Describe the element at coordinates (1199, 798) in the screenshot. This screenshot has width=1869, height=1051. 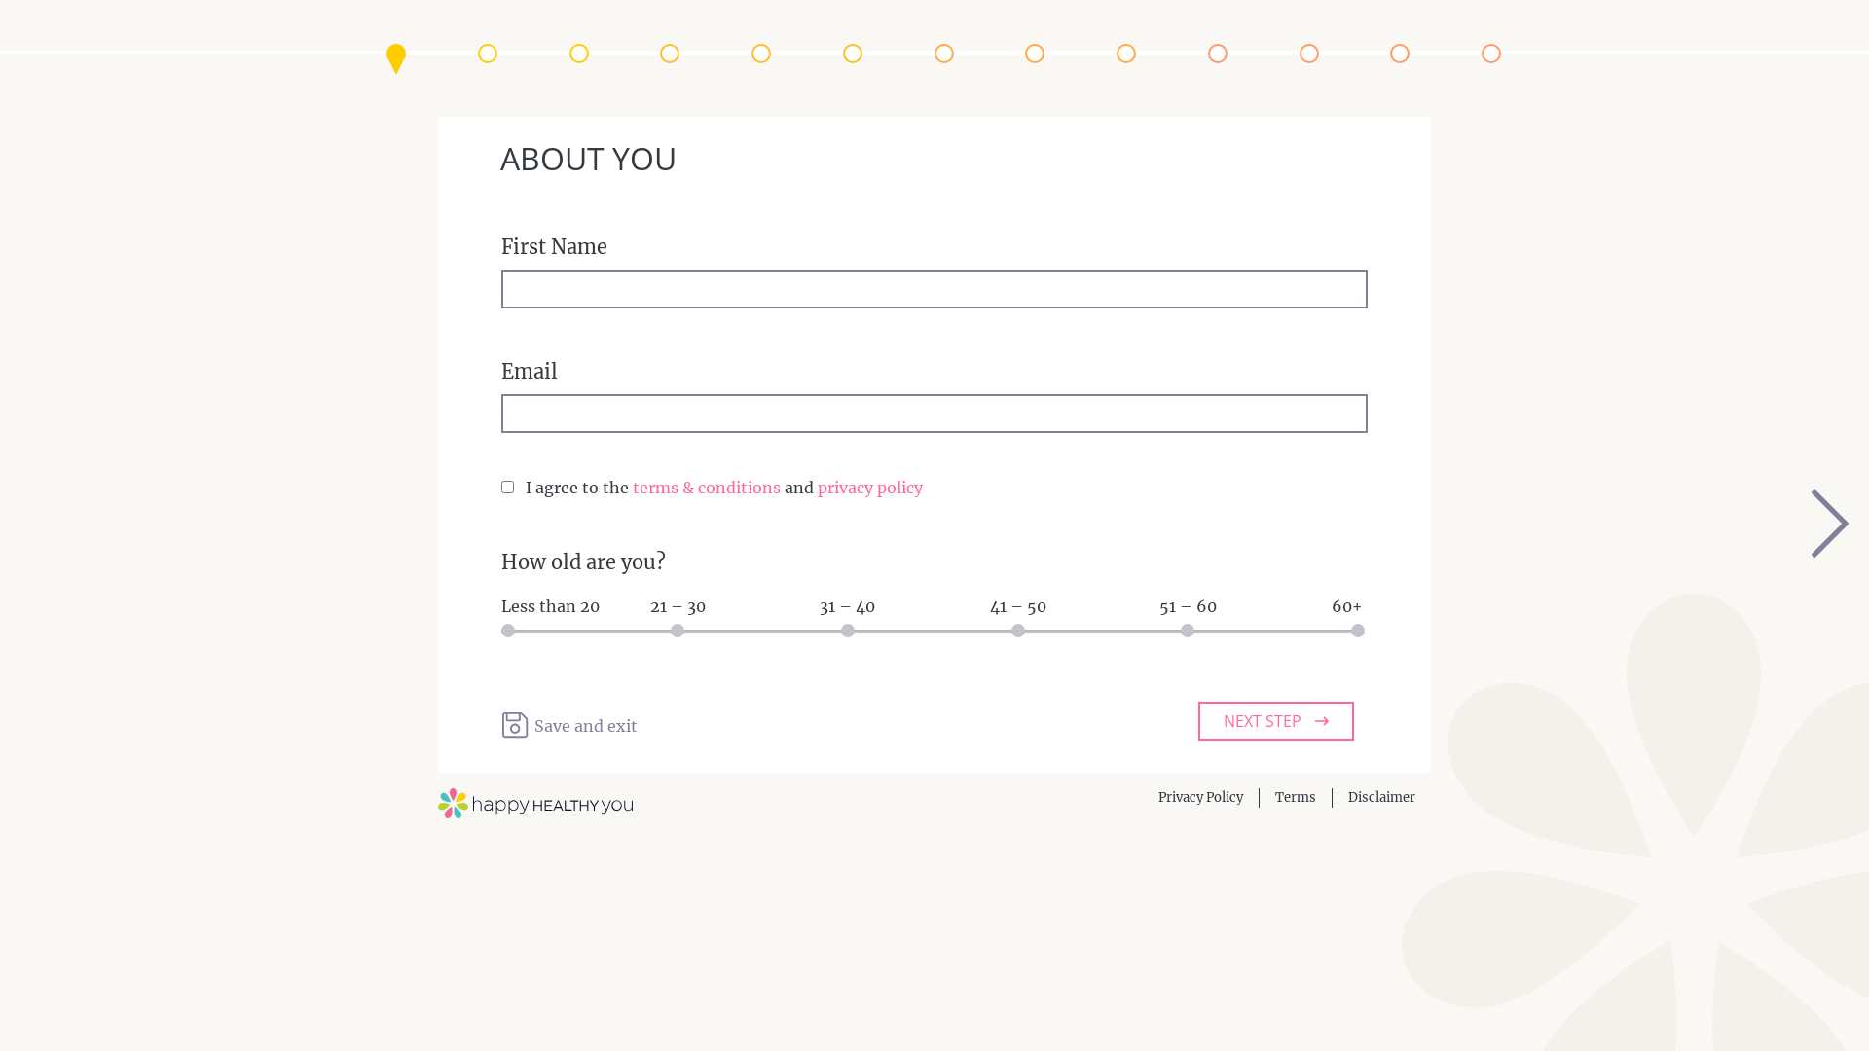
I see `'Privacy Policy'` at that location.